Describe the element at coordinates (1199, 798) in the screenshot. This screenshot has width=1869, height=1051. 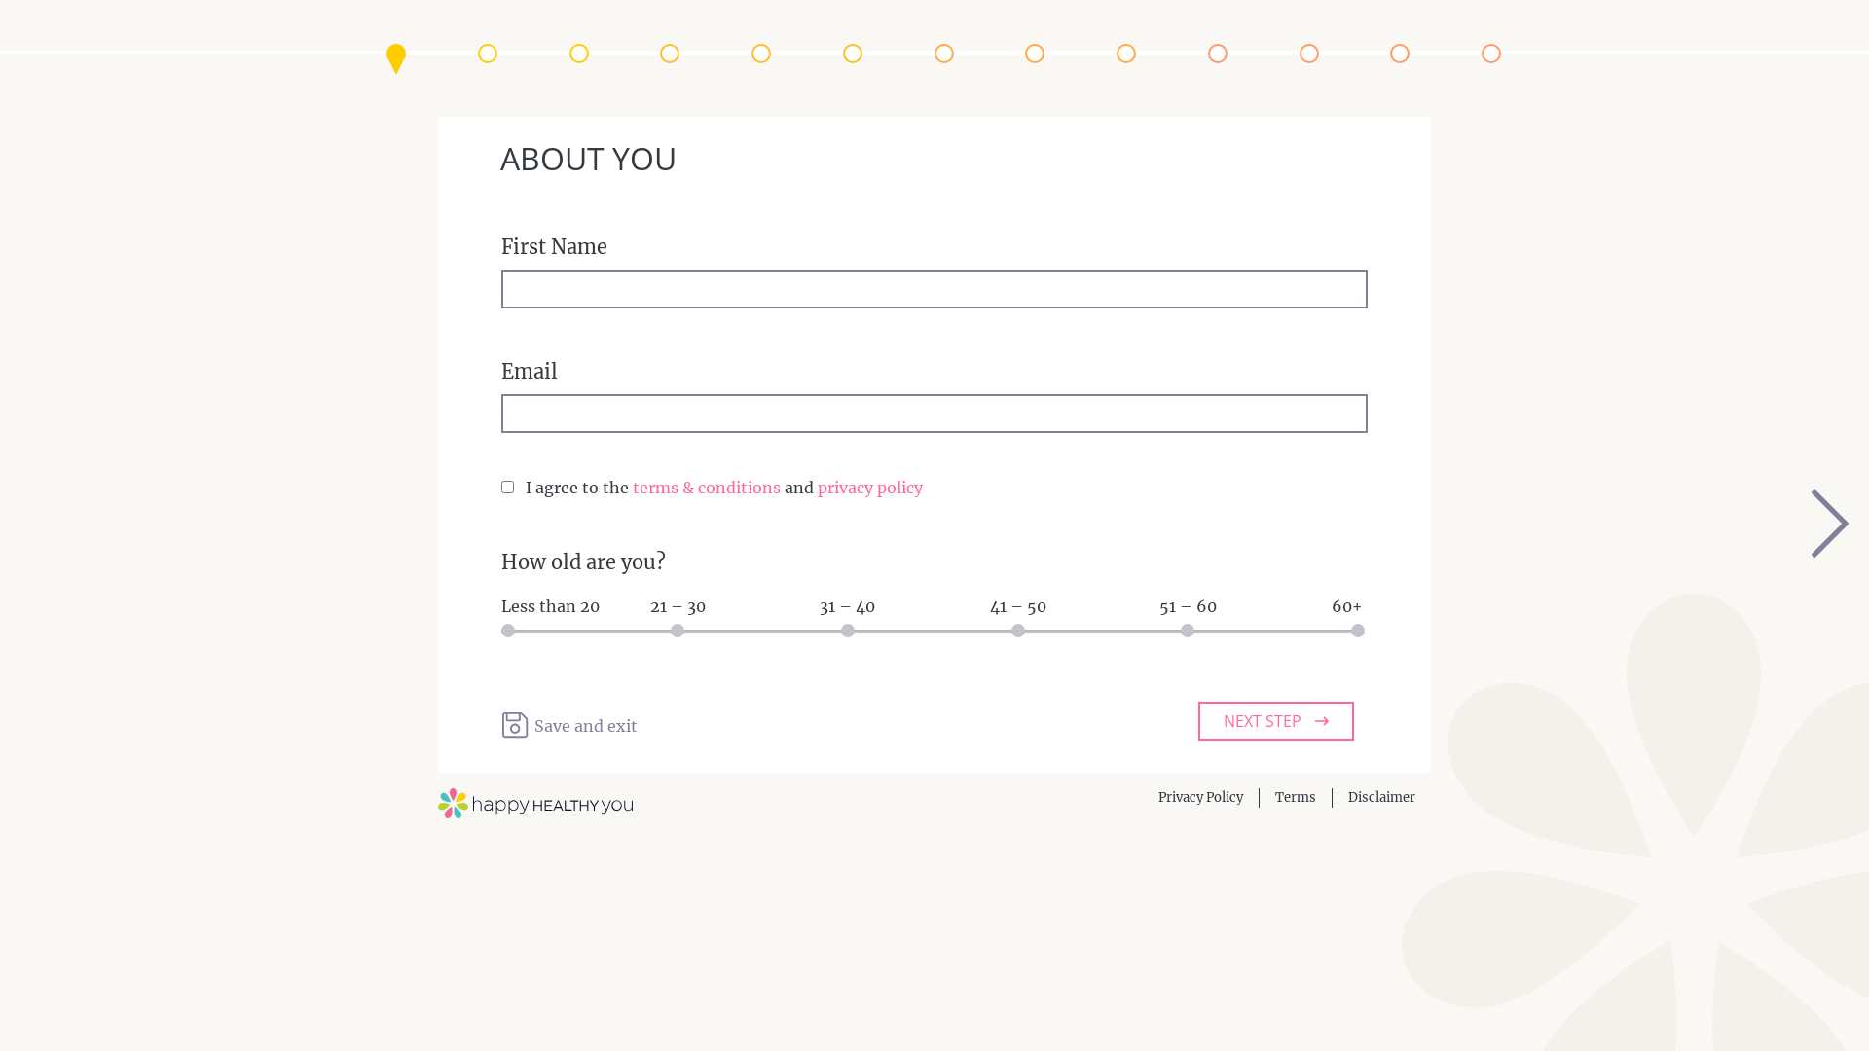
I see `'Privacy Policy'` at that location.